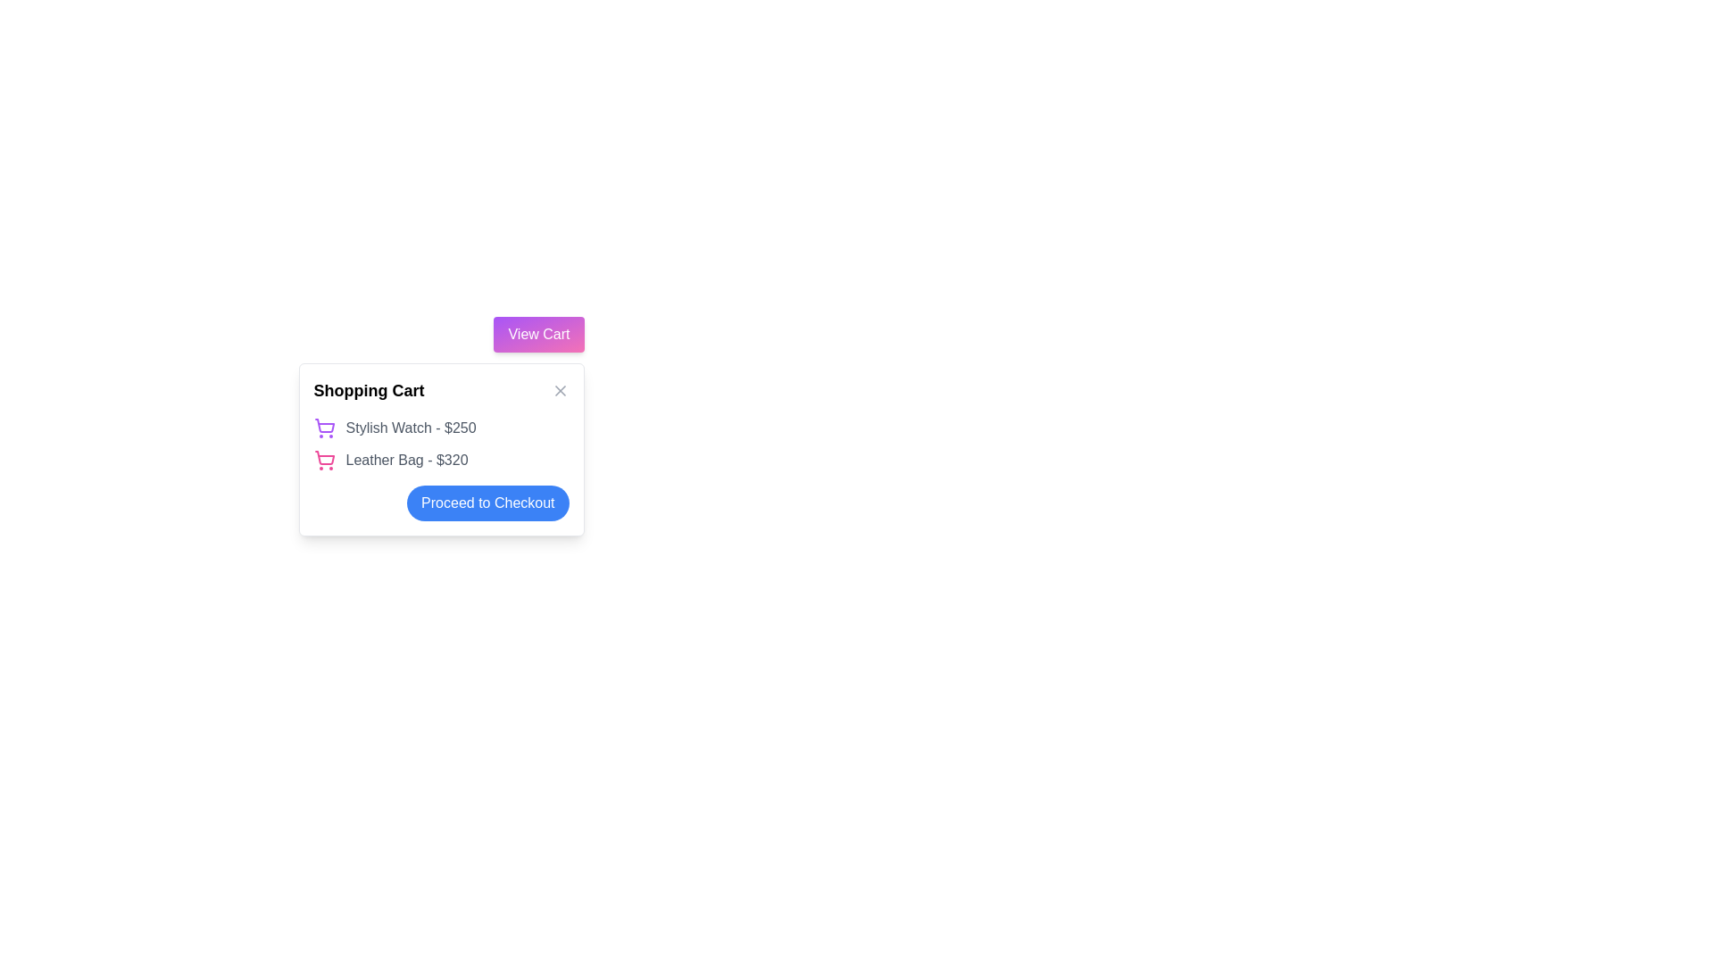  What do you see at coordinates (406, 460) in the screenshot?
I see `the static text that describes the second item in the shopping cart, located below 'Stylish Watch - $250'` at bounding box center [406, 460].